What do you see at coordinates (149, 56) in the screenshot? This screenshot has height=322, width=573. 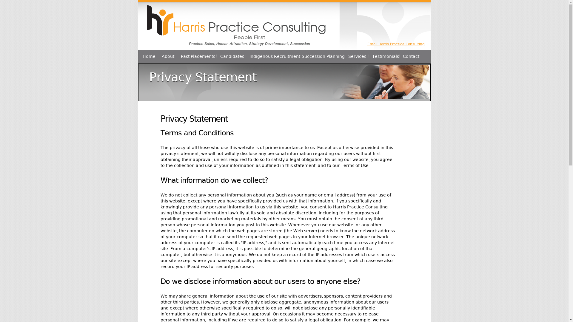 I see `'Home'` at bounding box center [149, 56].